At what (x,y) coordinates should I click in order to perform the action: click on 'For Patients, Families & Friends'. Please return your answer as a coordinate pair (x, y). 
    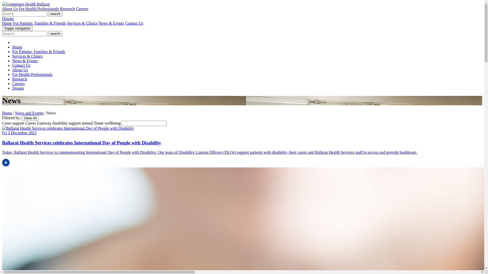
    Looking at the image, I should click on (39, 23).